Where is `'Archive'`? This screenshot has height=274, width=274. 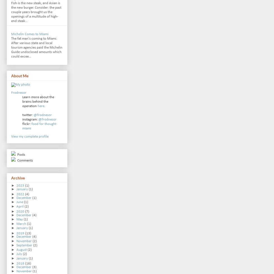 'Archive' is located at coordinates (18, 177).